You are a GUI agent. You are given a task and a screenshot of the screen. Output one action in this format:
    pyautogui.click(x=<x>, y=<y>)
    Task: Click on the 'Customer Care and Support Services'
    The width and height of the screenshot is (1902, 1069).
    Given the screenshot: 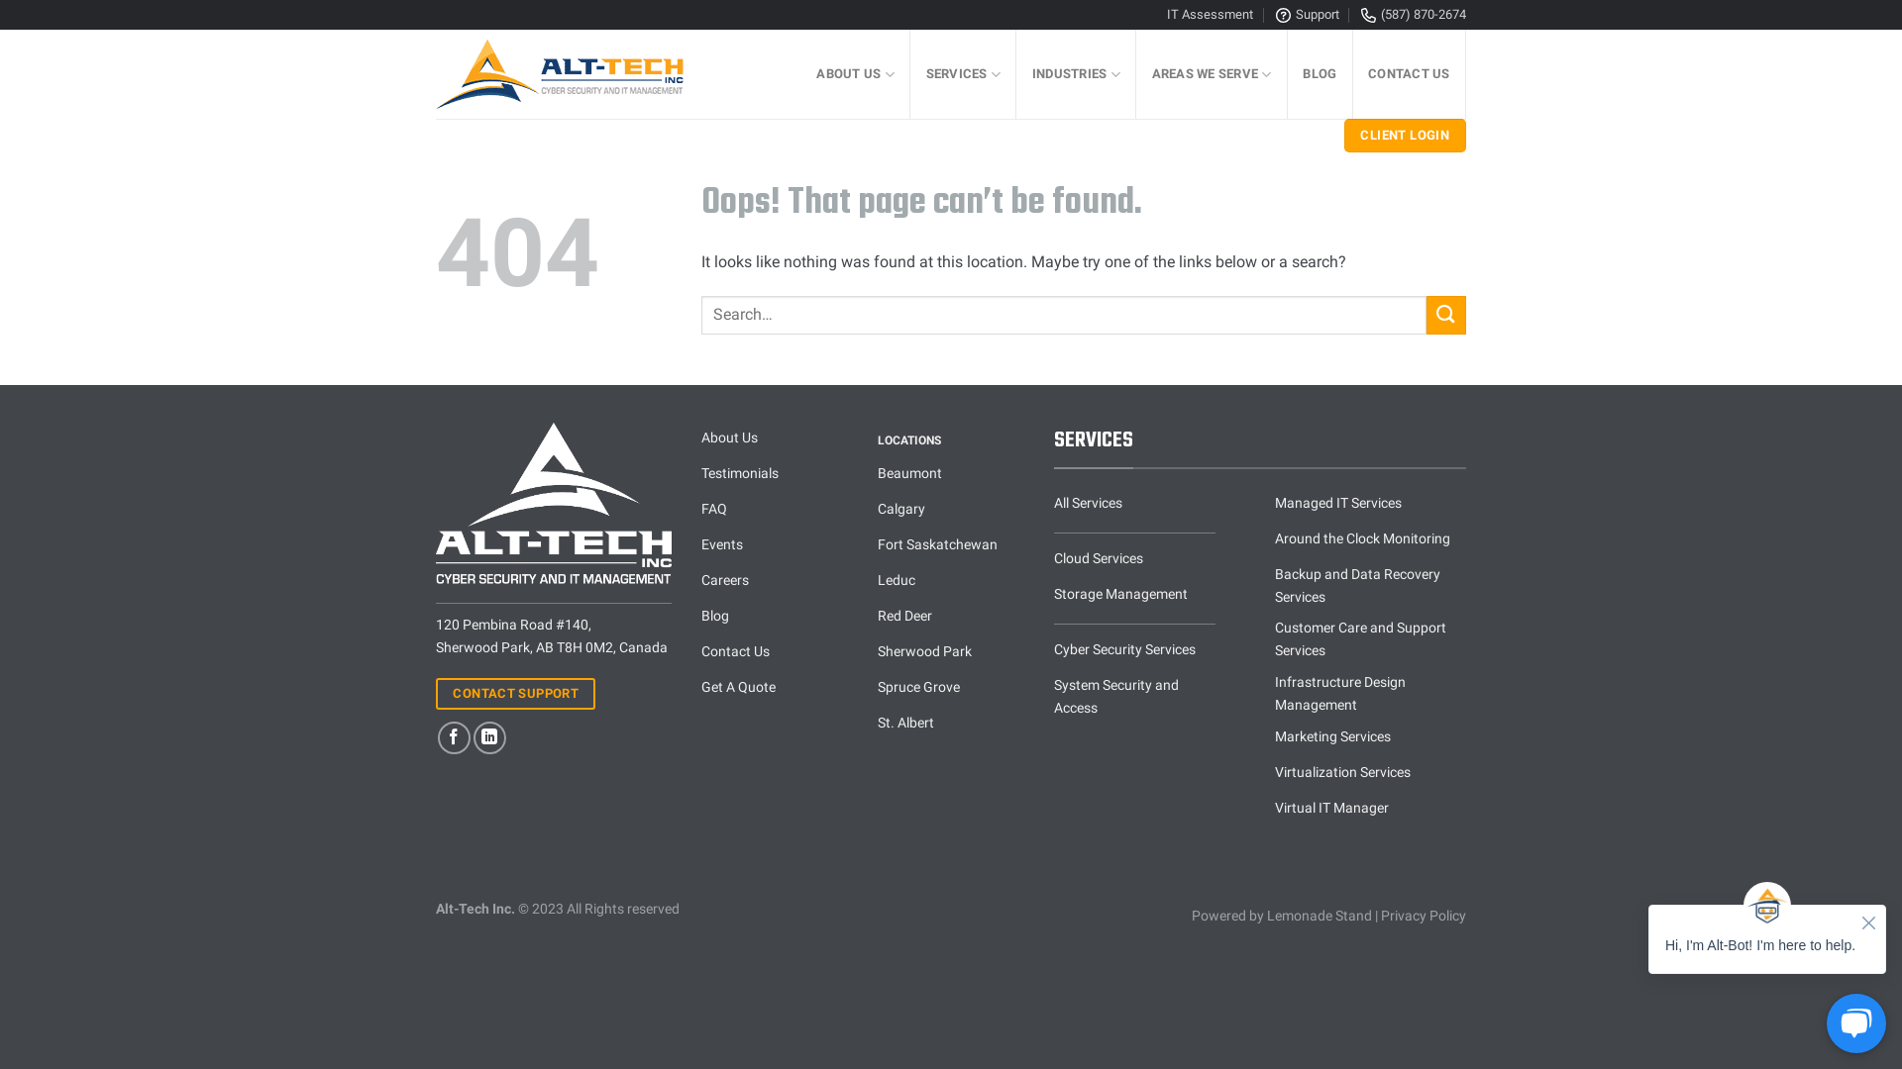 What is the action you would take?
    pyautogui.click(x=1369, y=639)
    